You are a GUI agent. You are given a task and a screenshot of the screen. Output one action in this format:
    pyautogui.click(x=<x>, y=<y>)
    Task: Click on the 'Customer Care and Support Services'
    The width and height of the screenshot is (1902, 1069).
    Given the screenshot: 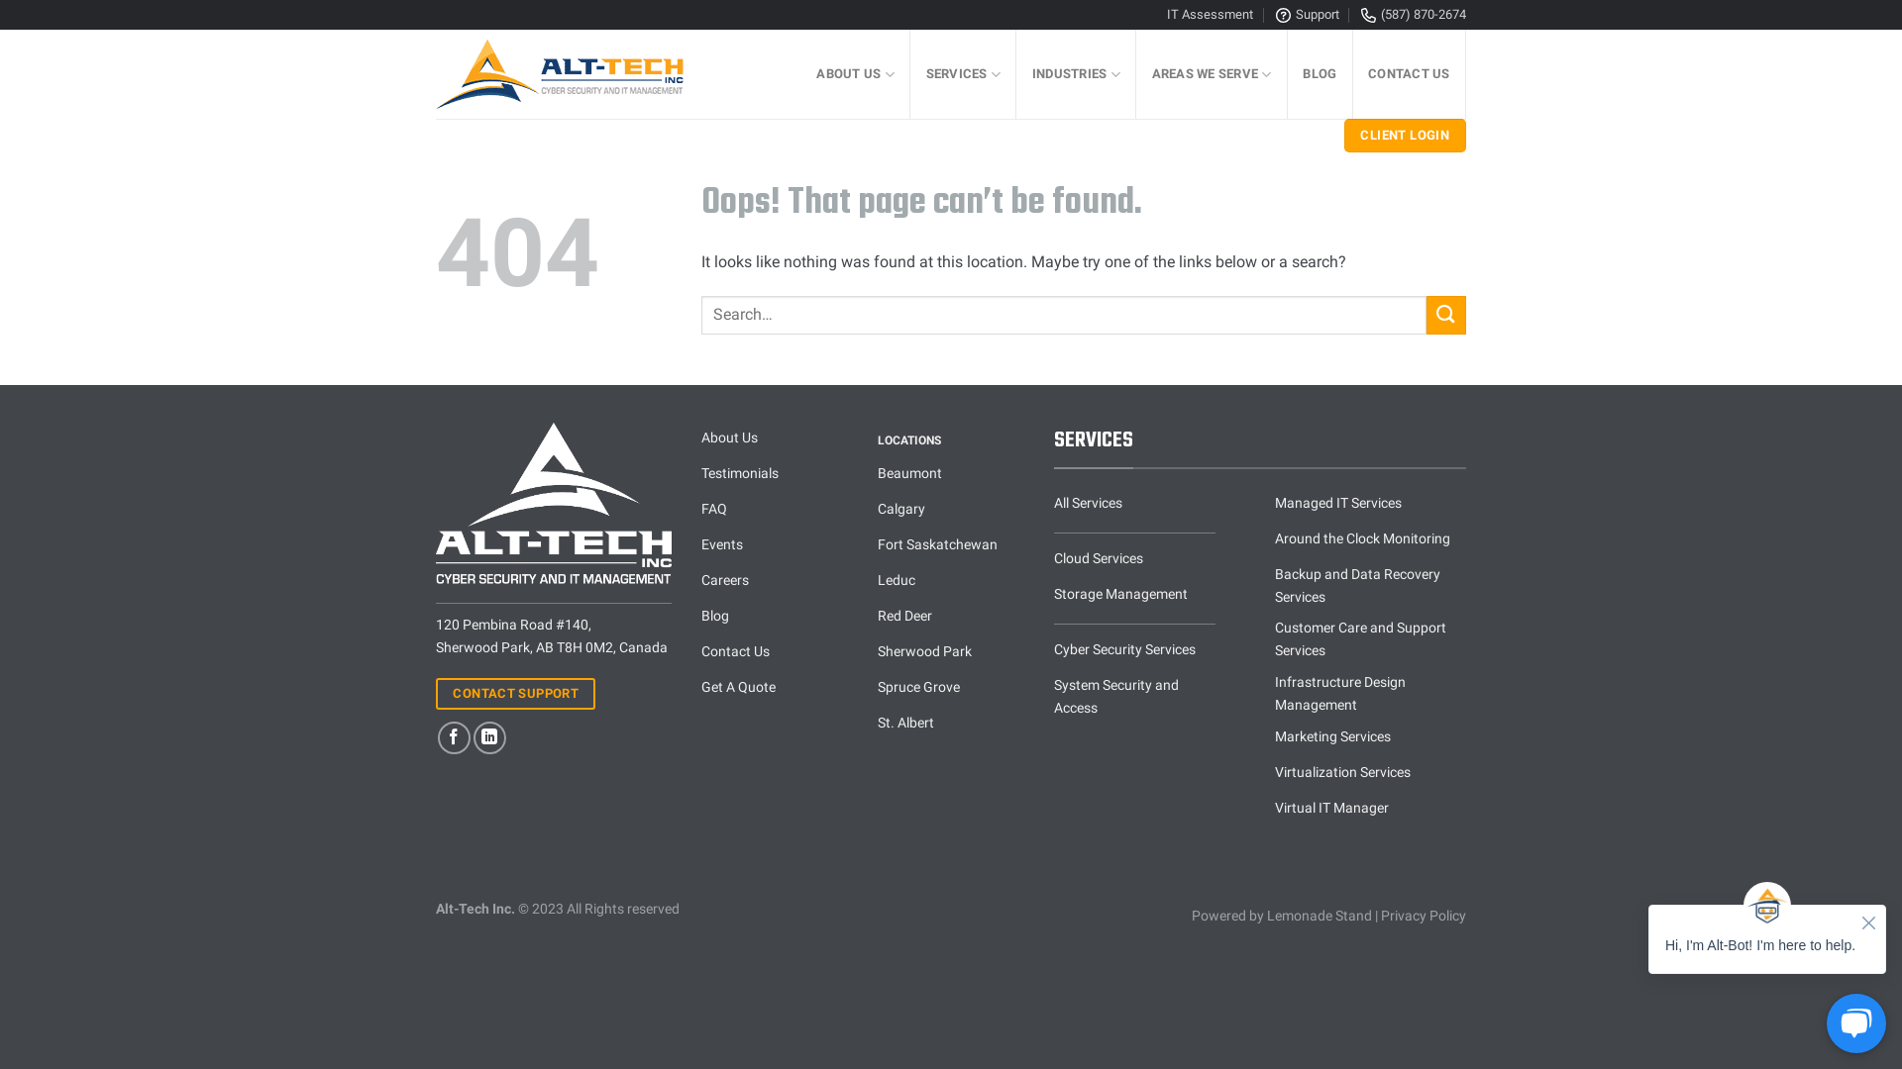 What is the action you would take?
    pyautogui.click(x=1369, y=639)
    